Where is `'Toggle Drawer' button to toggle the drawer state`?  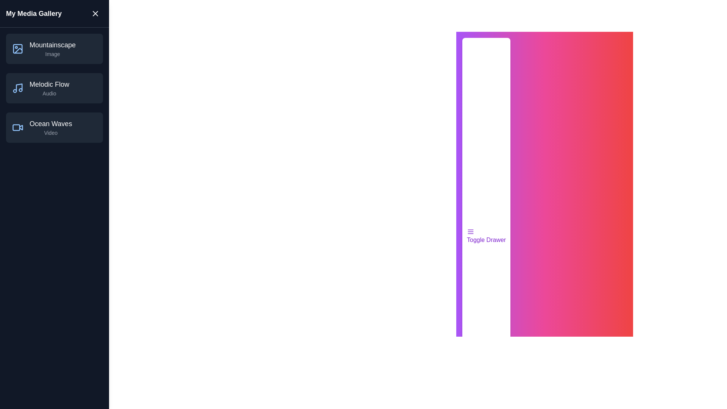
'Toggle Drawer' button to toggle the drawer state is located at coordinates (486, 236).